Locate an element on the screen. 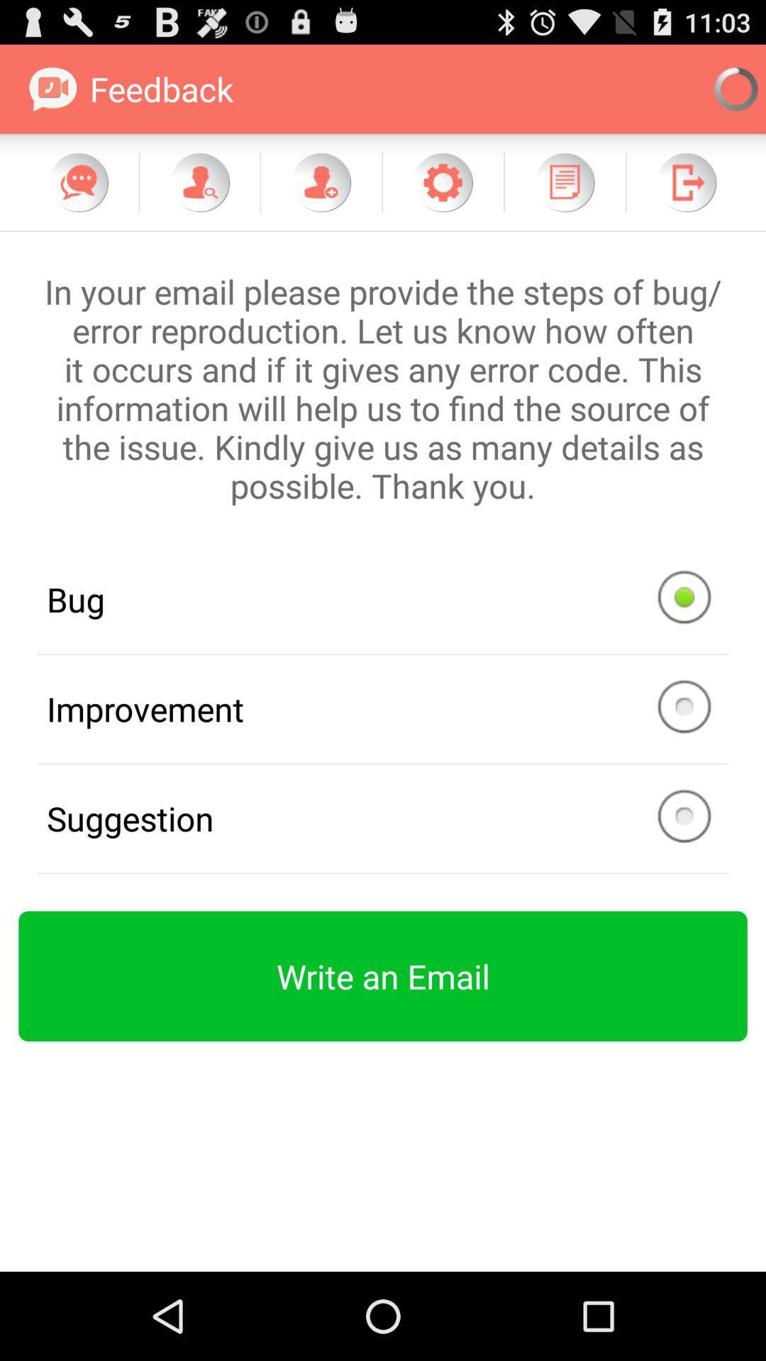 Image resolution: width=766 pixels, height=1361 pixels. contact is located at coordinates (321, 181).